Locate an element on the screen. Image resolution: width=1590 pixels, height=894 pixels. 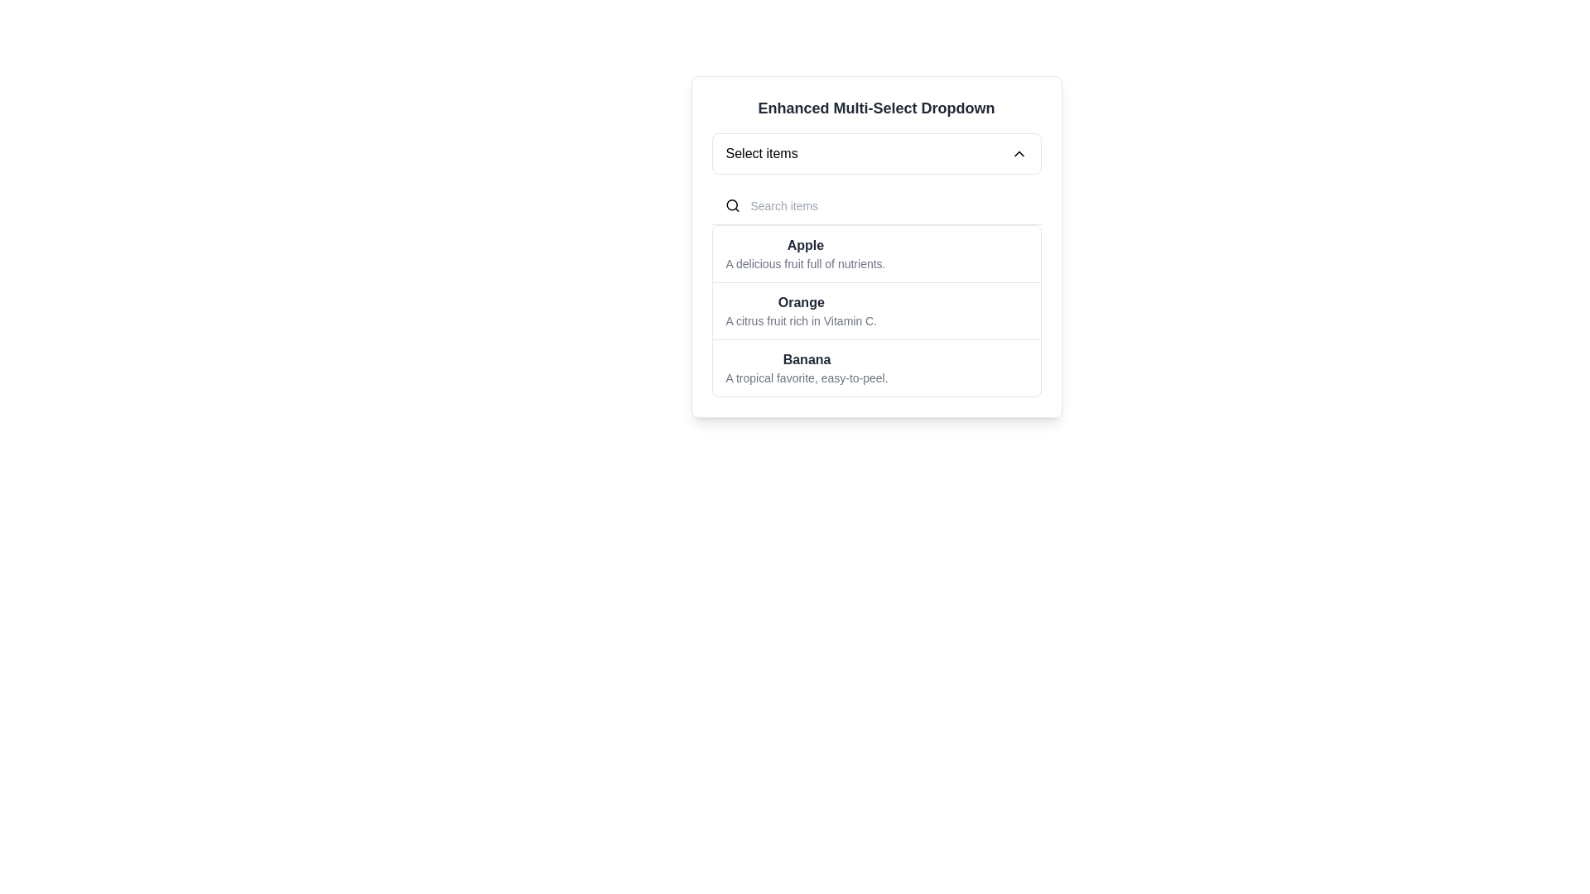
the 'Select items' dropdown trigger button is located at coordinates (875, 153).